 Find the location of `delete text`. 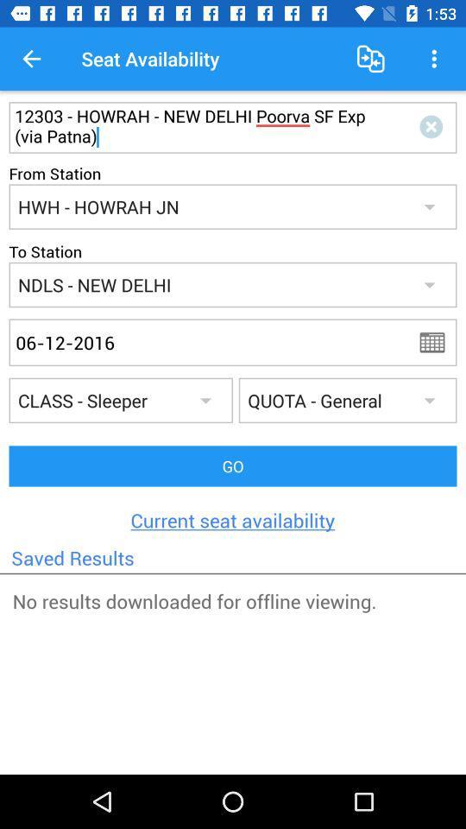

delete text is located at coordinates (433, 126).